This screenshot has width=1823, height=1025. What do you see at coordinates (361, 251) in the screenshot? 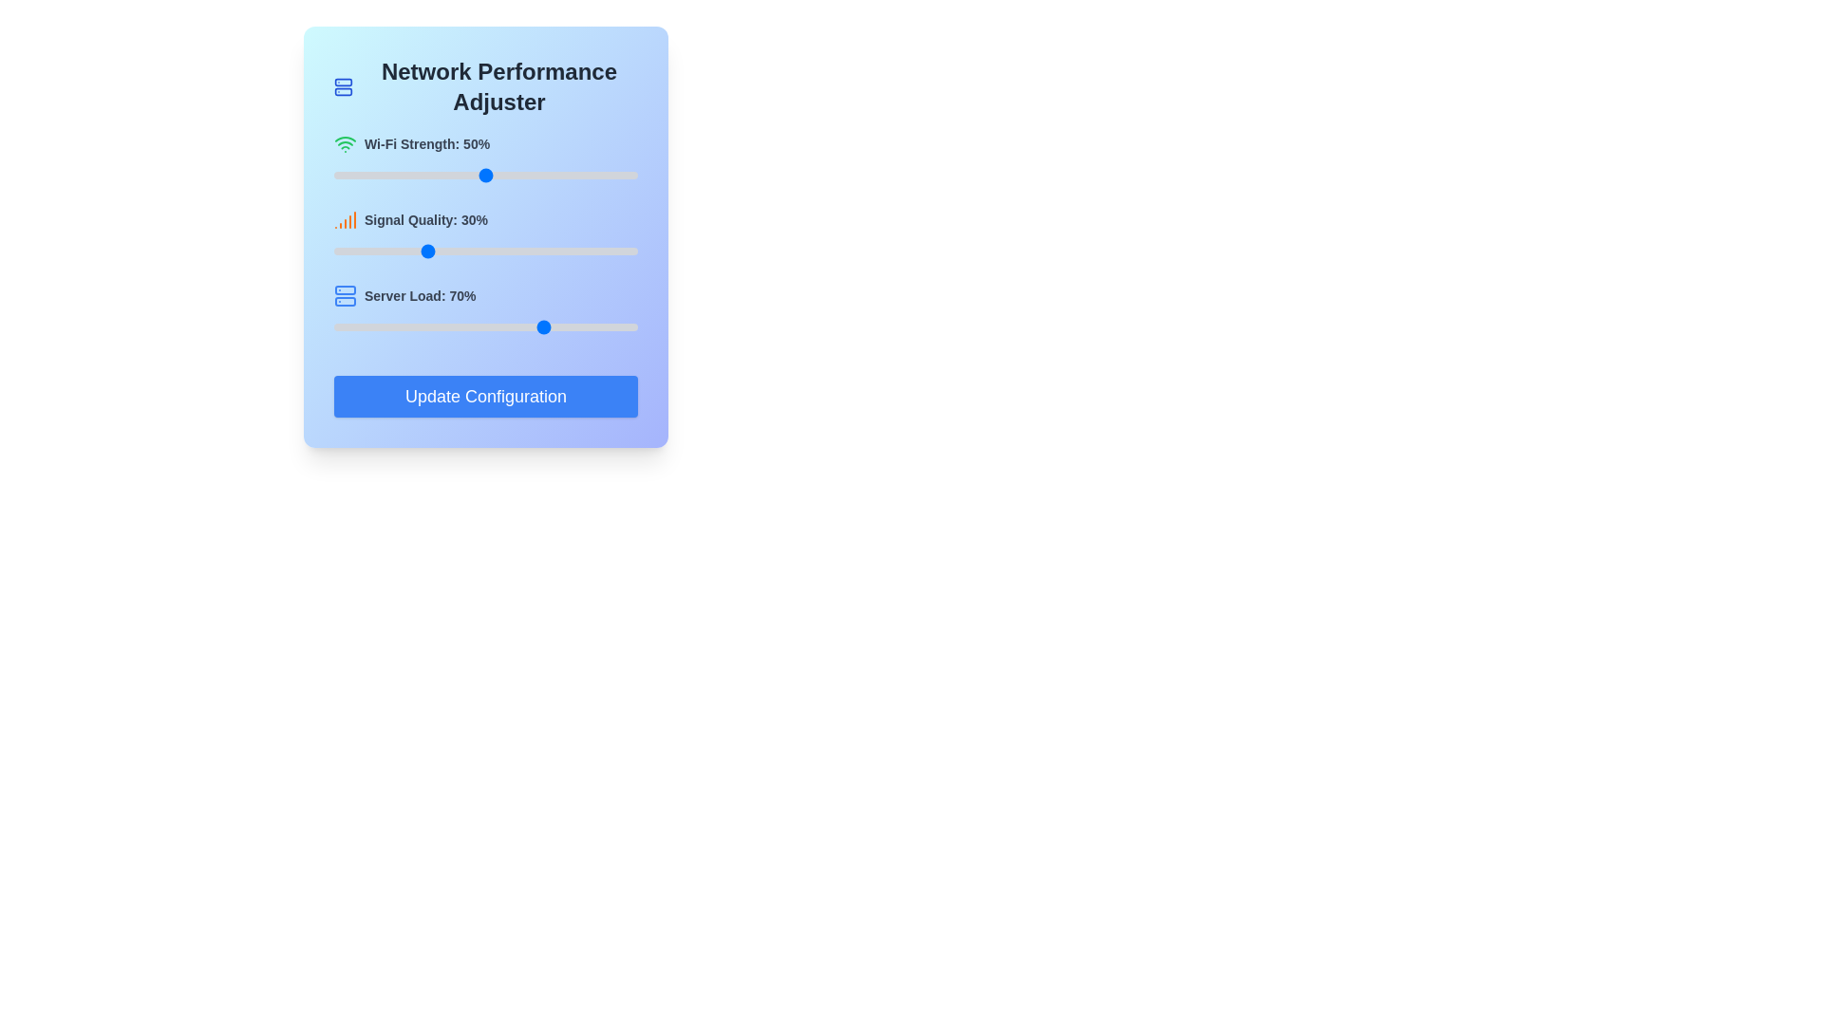
I see `the signal quality` at bounding box center [361, 251].